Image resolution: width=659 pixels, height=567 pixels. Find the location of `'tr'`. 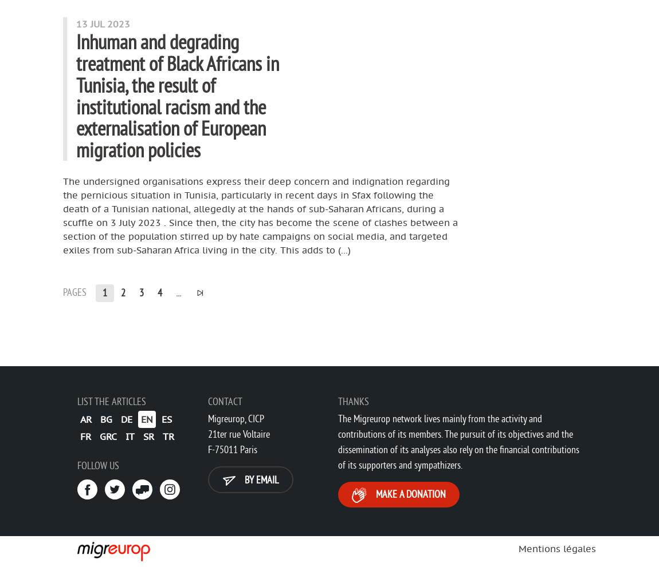

'tr' is located at coordinates (168, 435).